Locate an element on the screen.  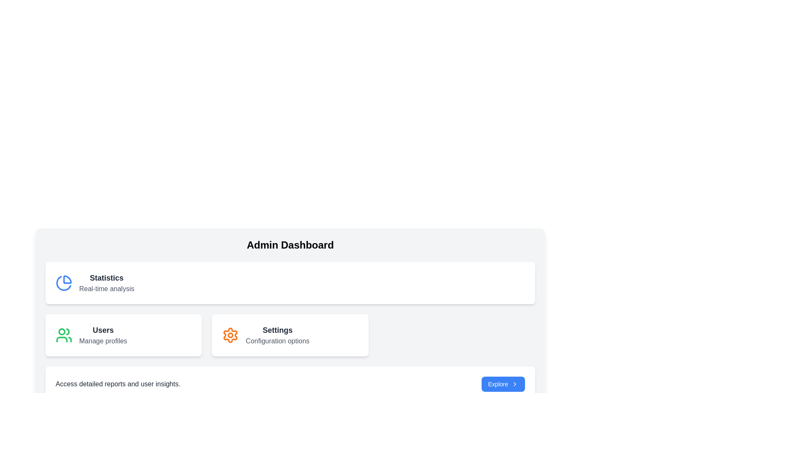
the 'Statistics' text label, which serves as a title for the adjacent section, to provide visual feedback is located at coordinates (106, 278).